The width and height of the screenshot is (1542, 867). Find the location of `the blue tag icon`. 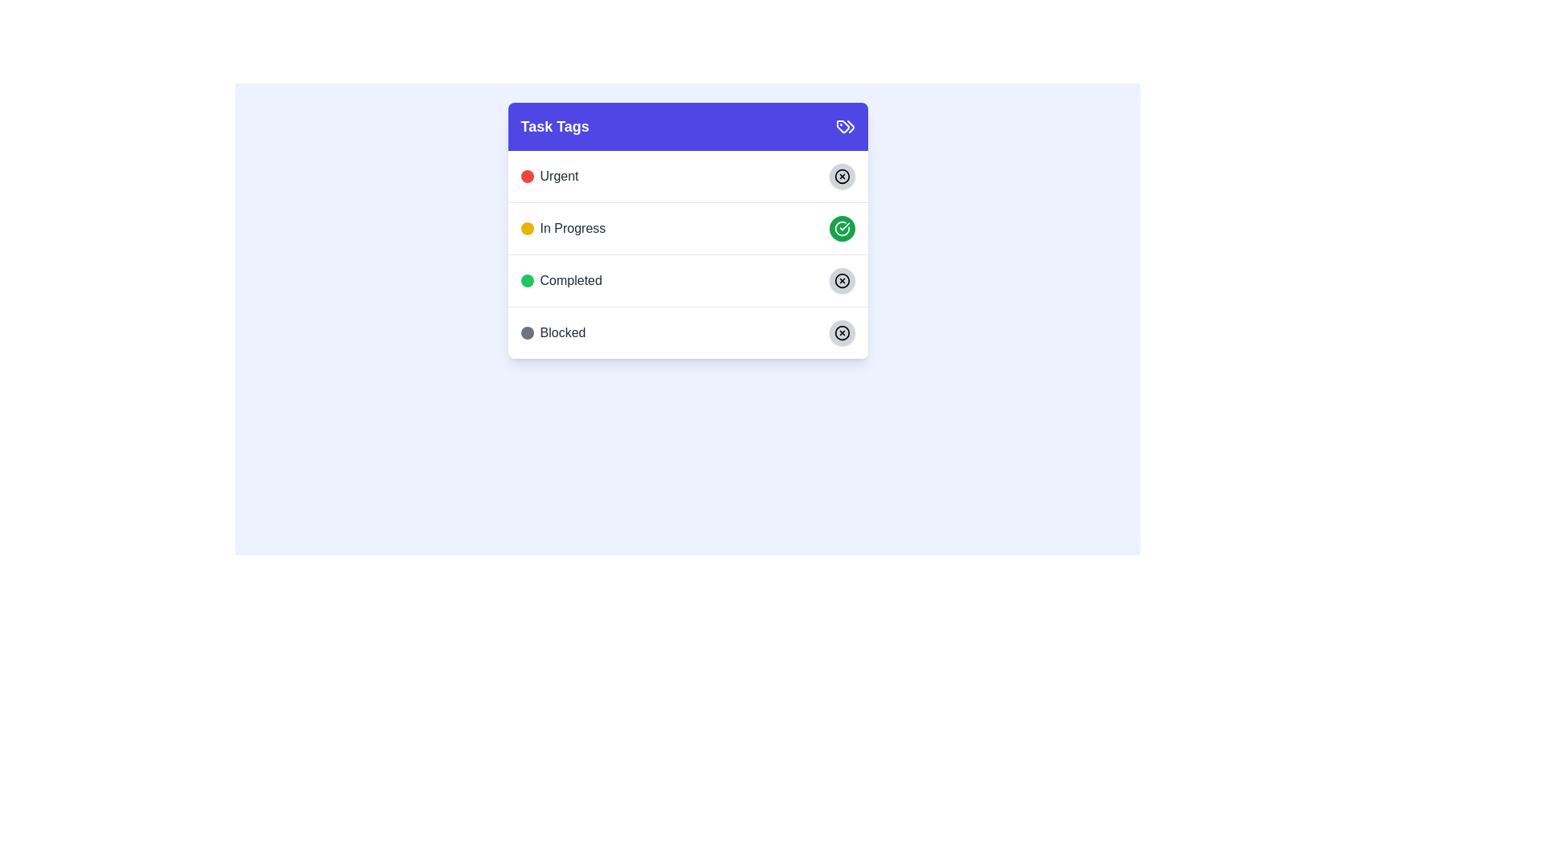

the blue tag icon is located at coordinates (842, 126).